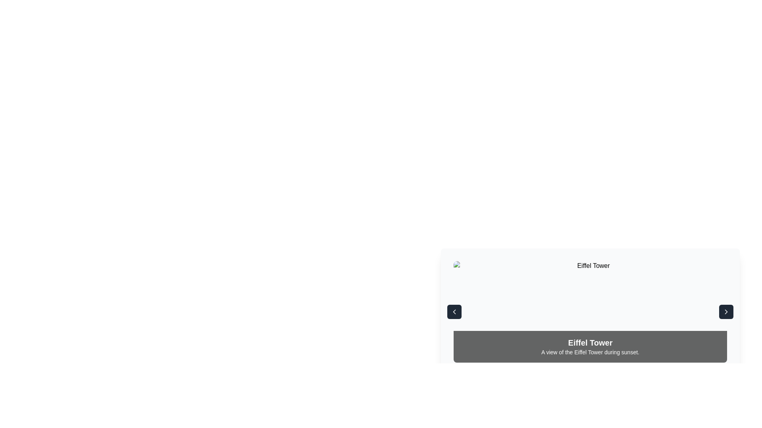 The width and height of the screenshot is (762, 428). I want to click on the square button with a dark gray background and a white leftward chevron icon, so click(454, 311).